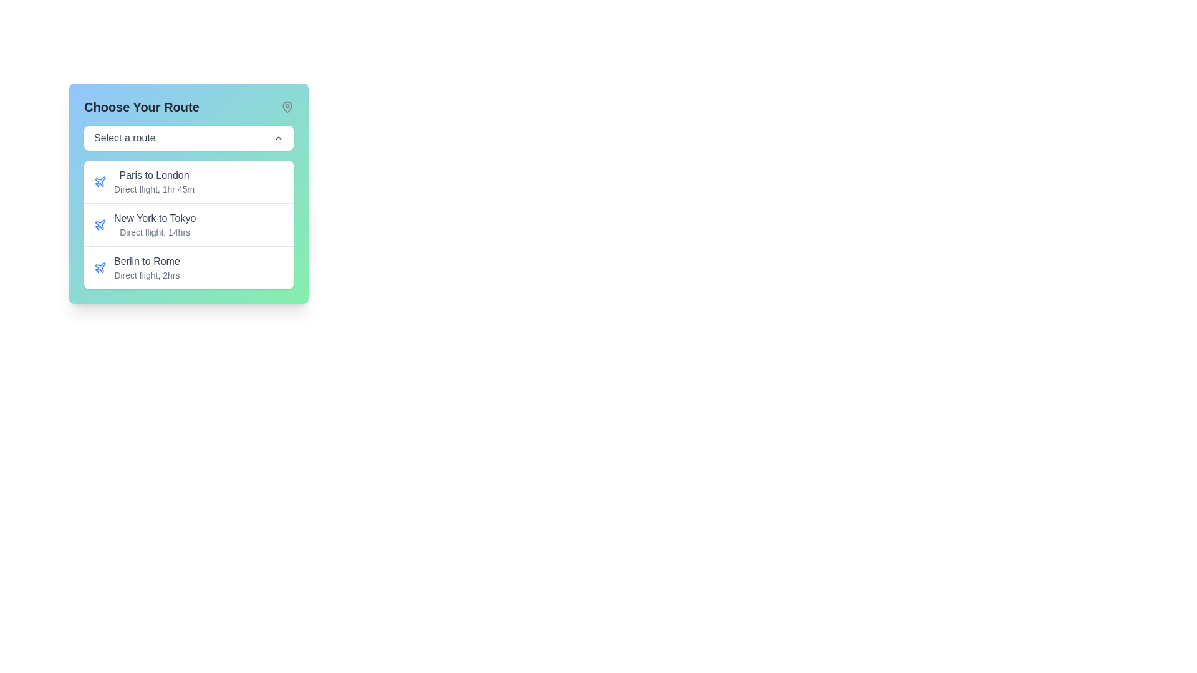 Image resolution: width=1197 pixels, height=673 pixels. Describe the element at coordinates (188, 224) in the screenshot. I see `the second list item displaying the flight route from New York to Tokyo` at that location.